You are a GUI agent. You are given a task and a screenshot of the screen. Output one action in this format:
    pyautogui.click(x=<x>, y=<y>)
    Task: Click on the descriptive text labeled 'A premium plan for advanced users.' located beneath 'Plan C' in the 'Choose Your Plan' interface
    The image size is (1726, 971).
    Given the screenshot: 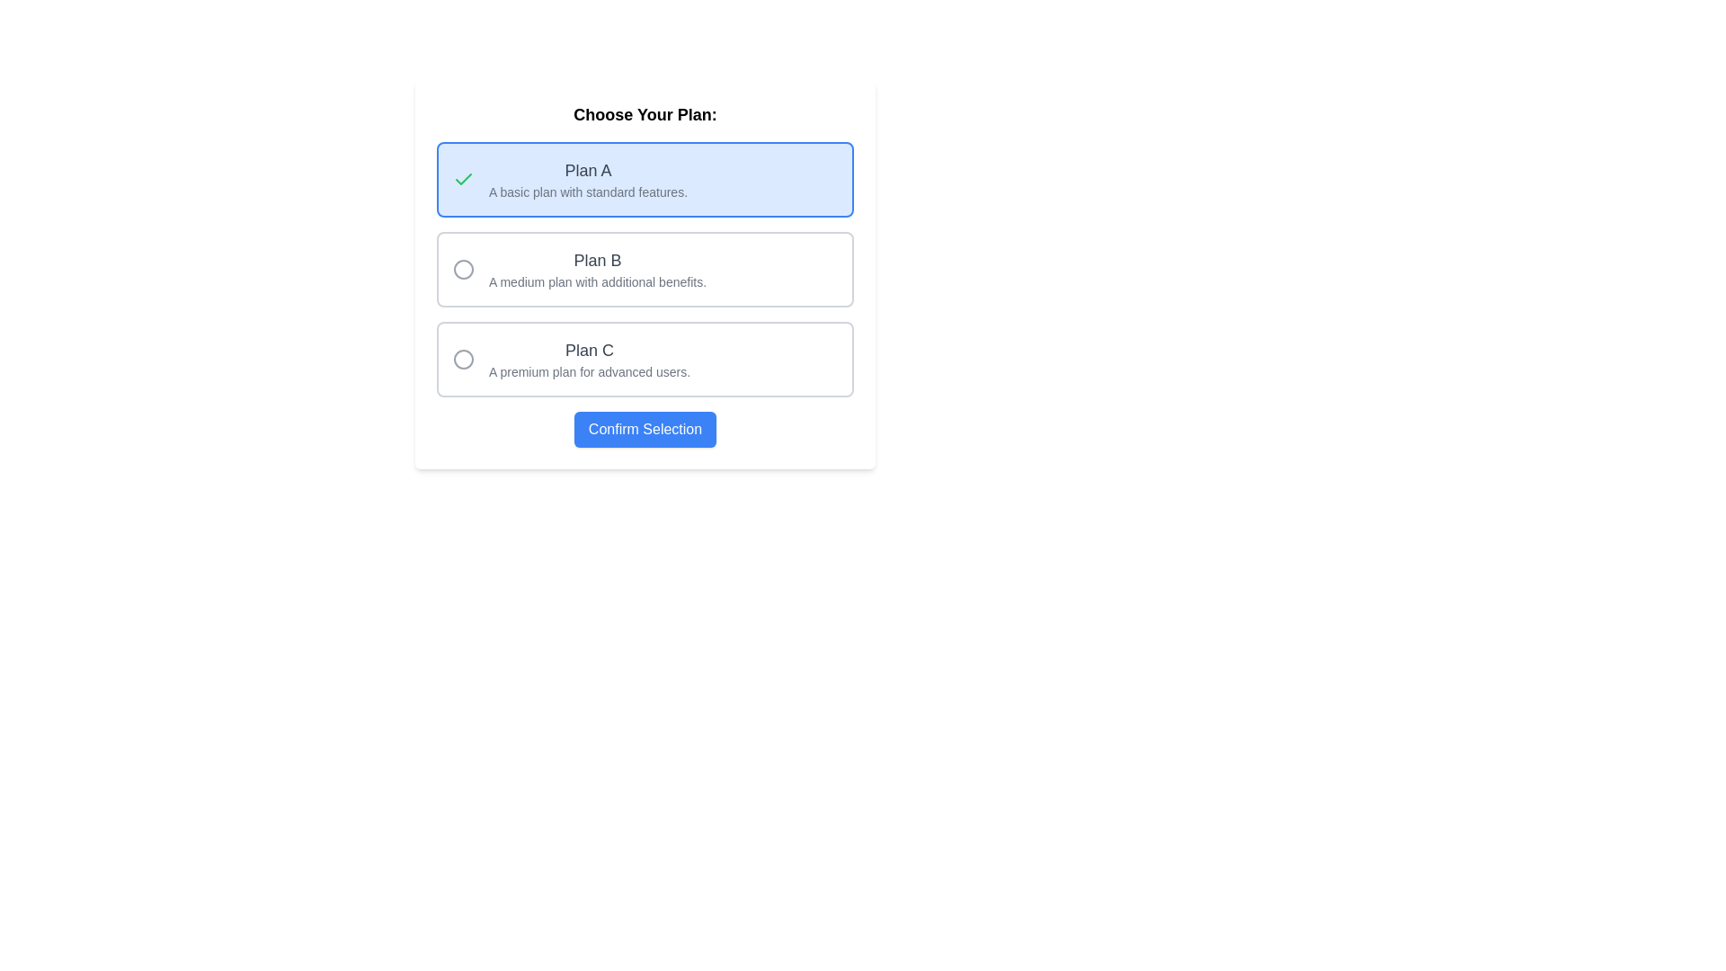 What is the action you would take?
    pyautogui.click(x=590, y=370)
    